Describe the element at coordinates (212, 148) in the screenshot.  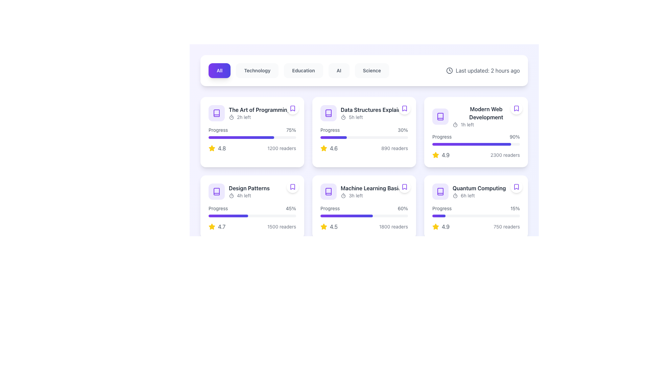
I see `the rating icon located in the bottom left corner of the 'Data Structures Explained' card, which indicates a score of 4.6` at that location.